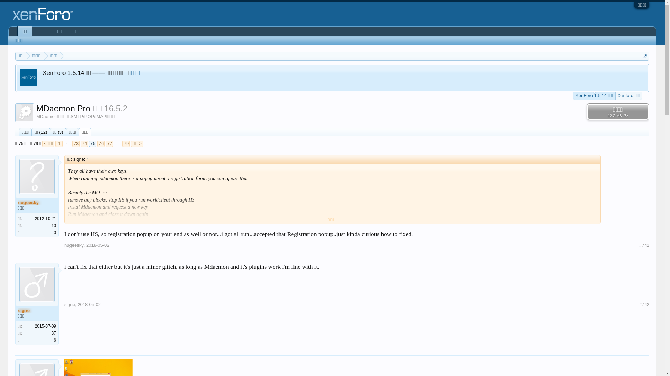  Describe the element at coordinates (53, 332) in the screenshot. I see `'37'` at that location.